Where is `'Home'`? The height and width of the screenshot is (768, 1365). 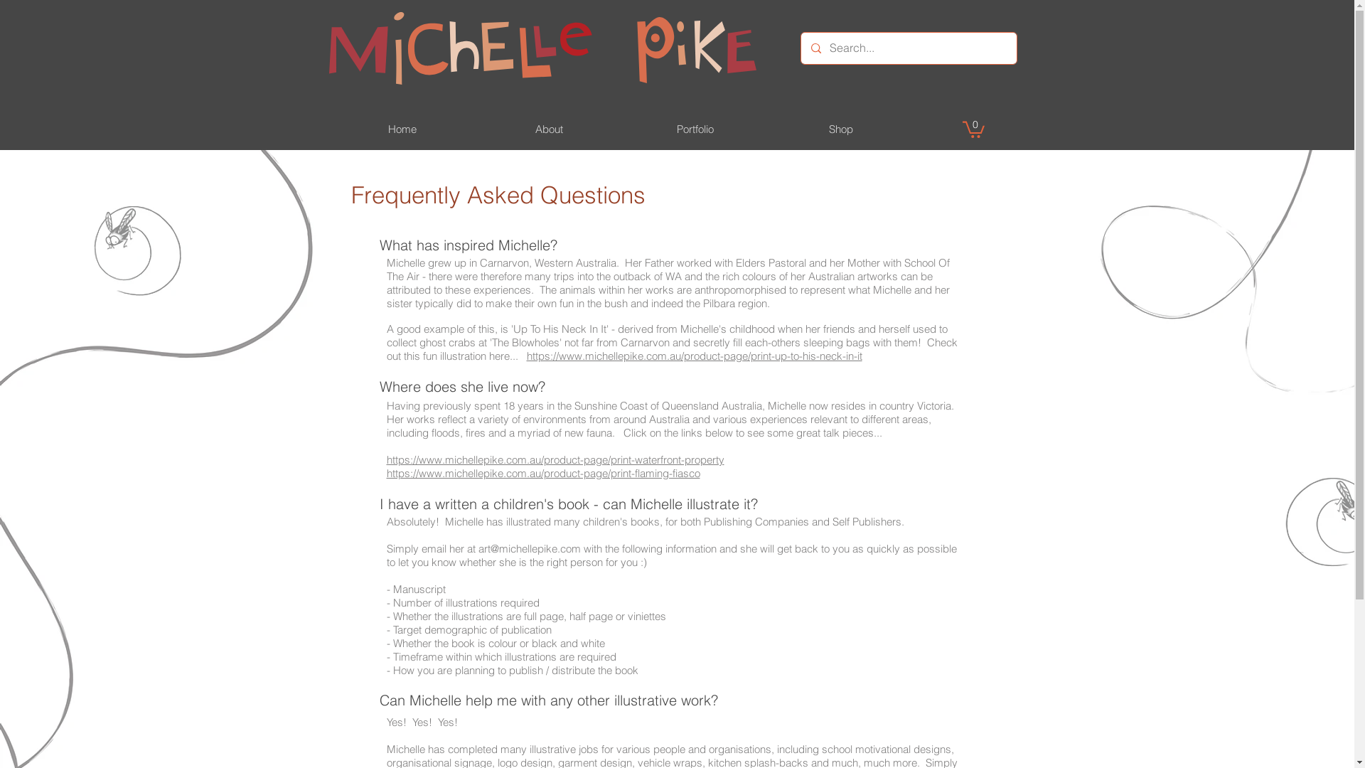 'Home' is located at coordinates (401, 129).